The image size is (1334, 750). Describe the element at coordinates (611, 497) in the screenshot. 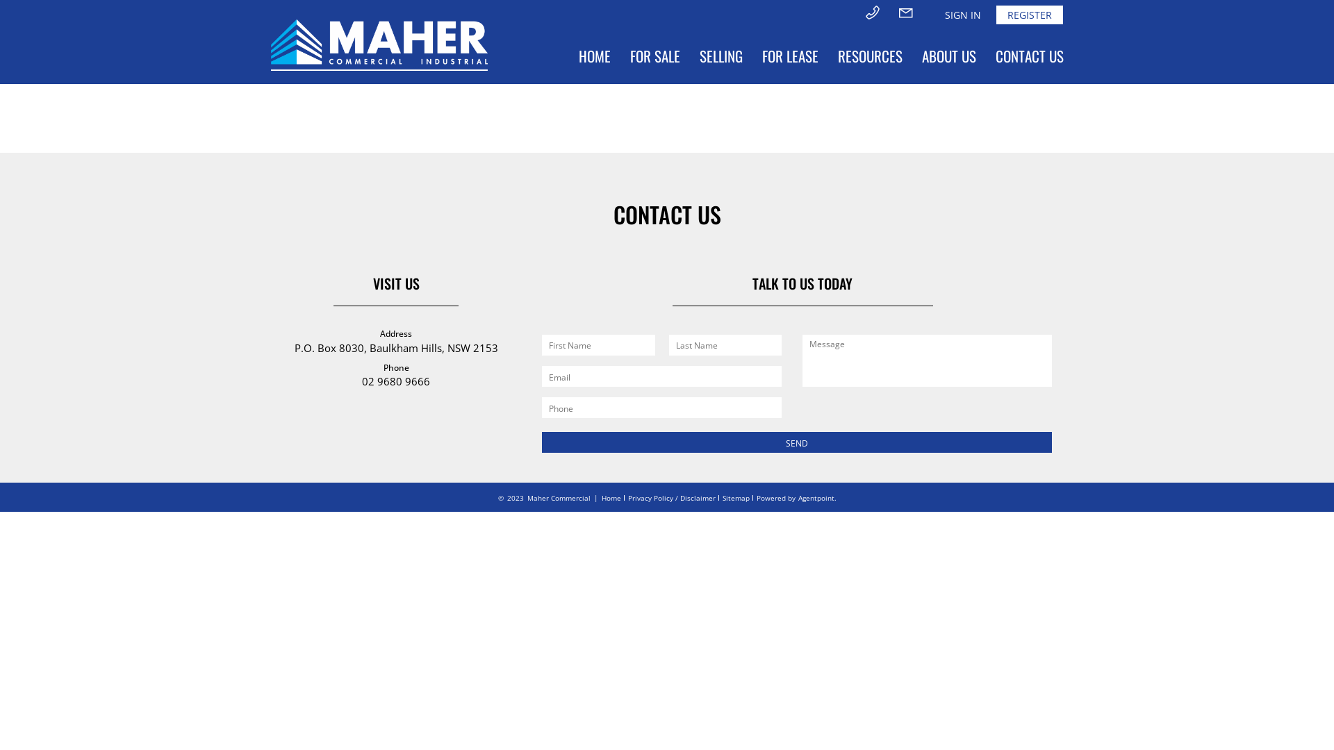

I see `'Home'` at that location.